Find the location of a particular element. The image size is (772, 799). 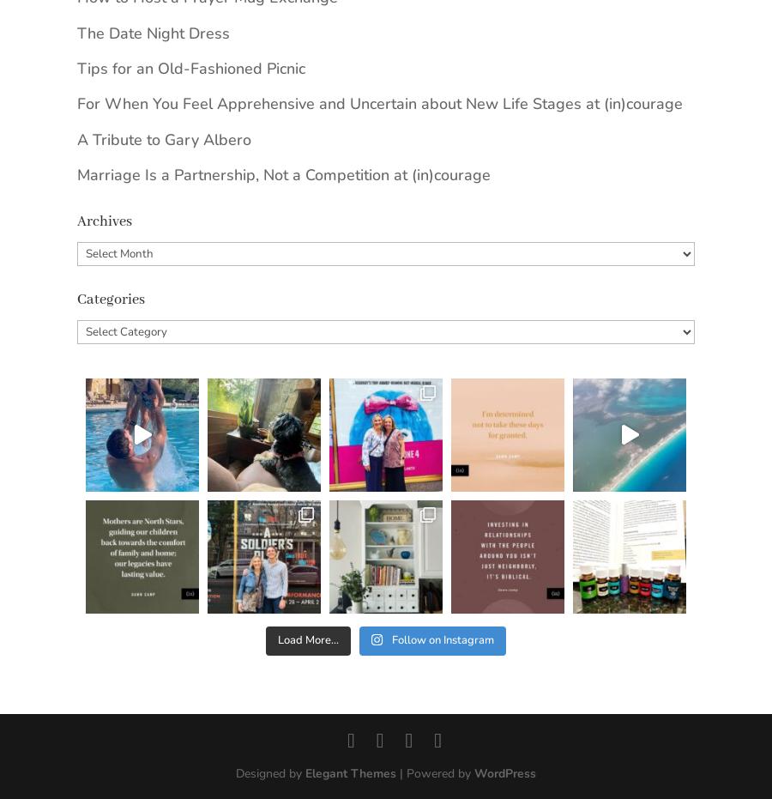

'Follow on Instagram' is located at coordinates (390, 640).